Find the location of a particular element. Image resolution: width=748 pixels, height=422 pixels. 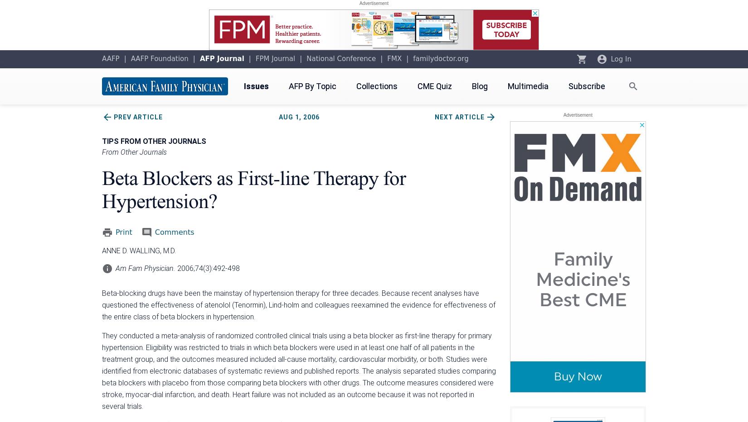

'Oct 2023' is located at coordinates (577, 185).